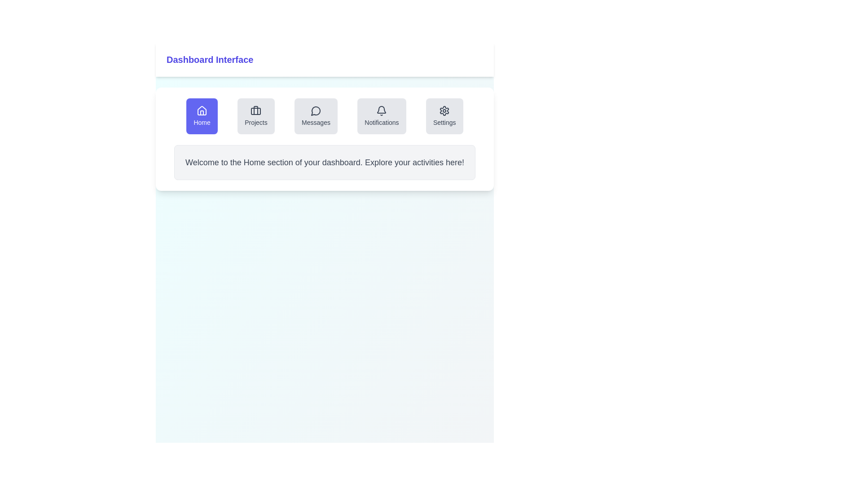 Image resolution: width=862 pixels, height=485 pixels. Describe the element at coordinates (444, 115) in the screenshot. I see `the 'Settings' button with a gray background and a gear icon located in the top-right corner of the button group in the dashboard interface to observe hover effects` at that location.